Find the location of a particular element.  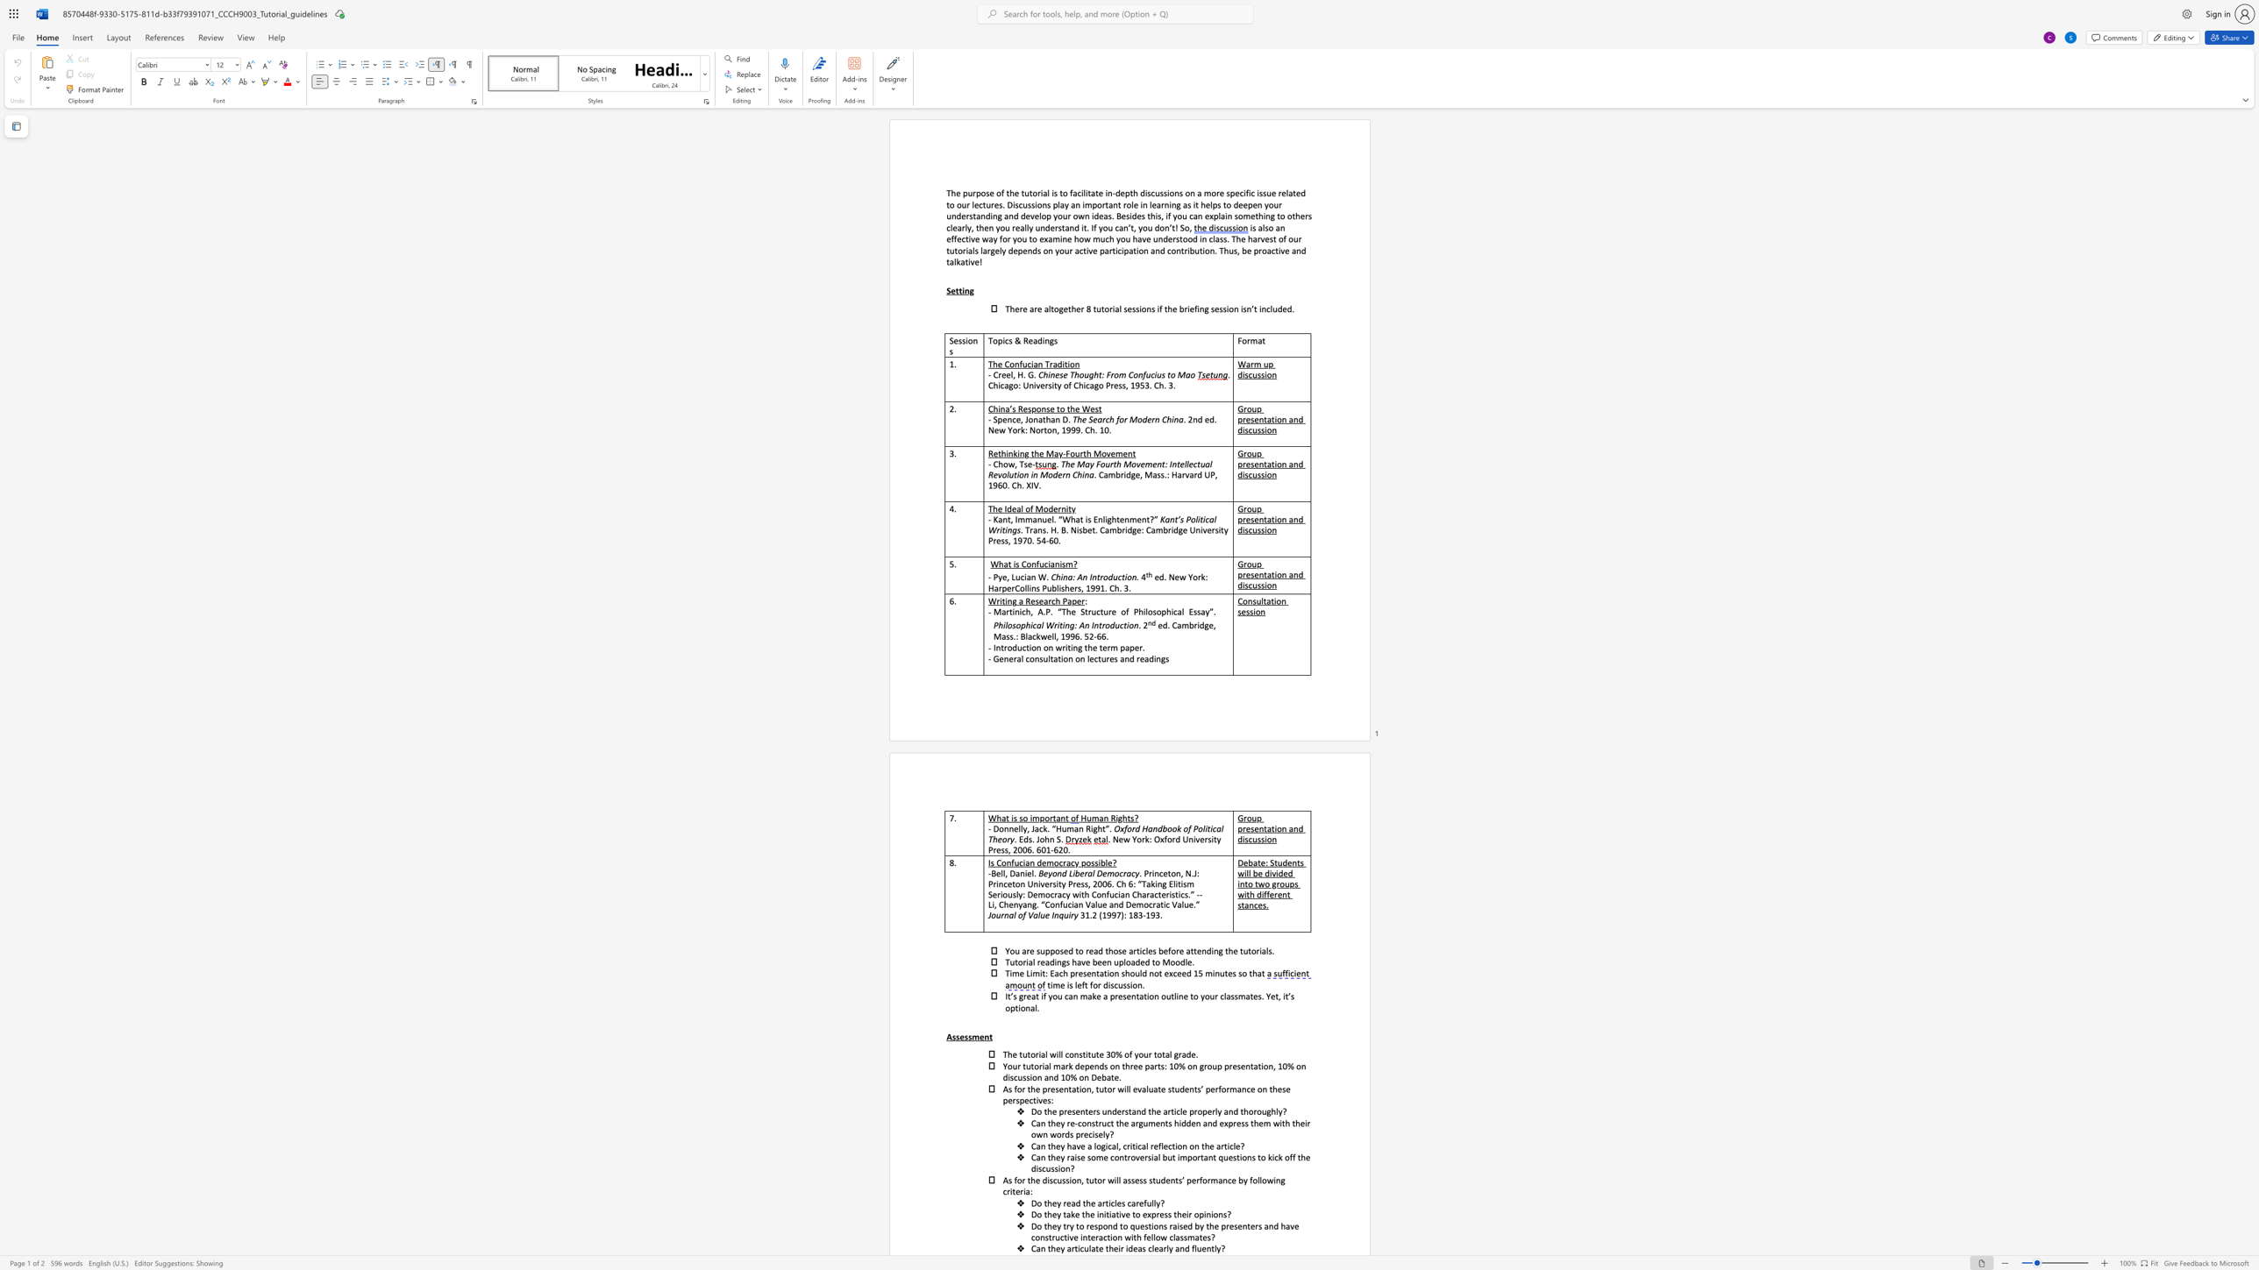

the subset text "ce on these pe" within the text "As for the presentation, tutor will evaluate students’ performance on these perspectives:" is located at coordinates (1246, 1087).